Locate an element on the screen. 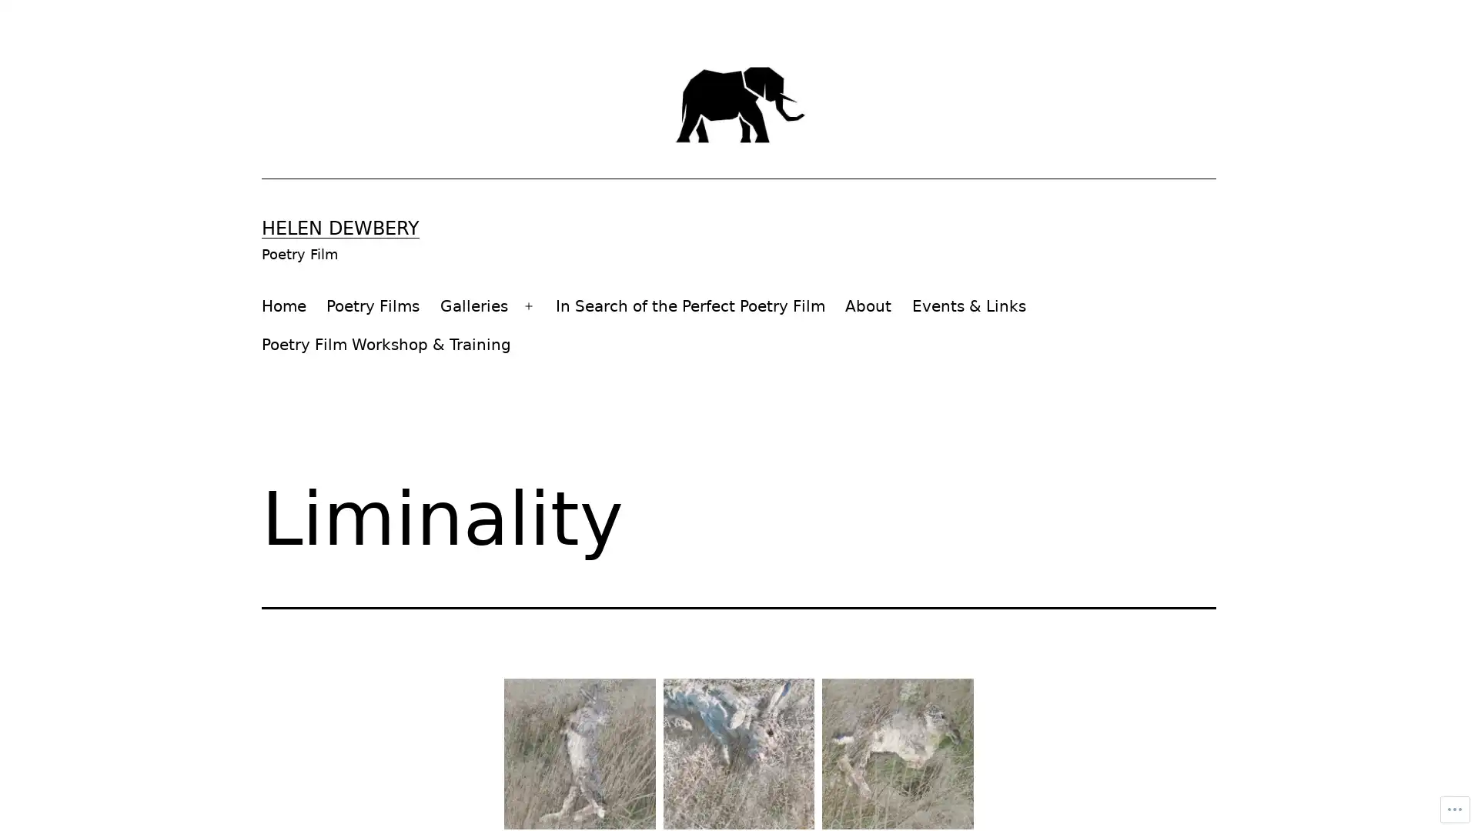  Open menu is located at coordinates (528, 305).